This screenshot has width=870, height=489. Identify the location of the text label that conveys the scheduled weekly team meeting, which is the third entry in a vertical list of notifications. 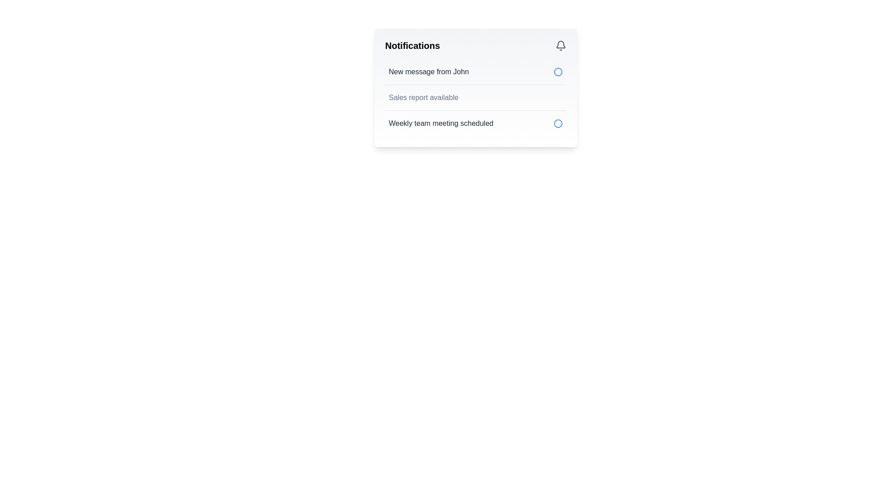
(441, 124).